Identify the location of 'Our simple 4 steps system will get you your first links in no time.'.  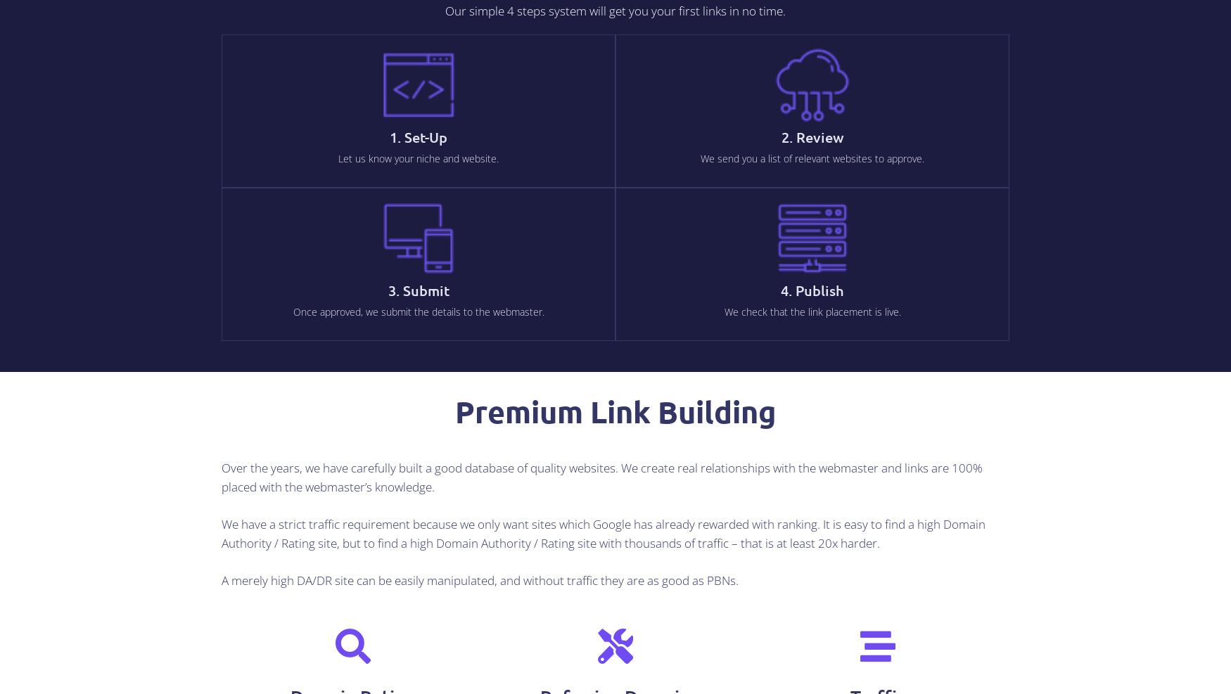
(444, 9).